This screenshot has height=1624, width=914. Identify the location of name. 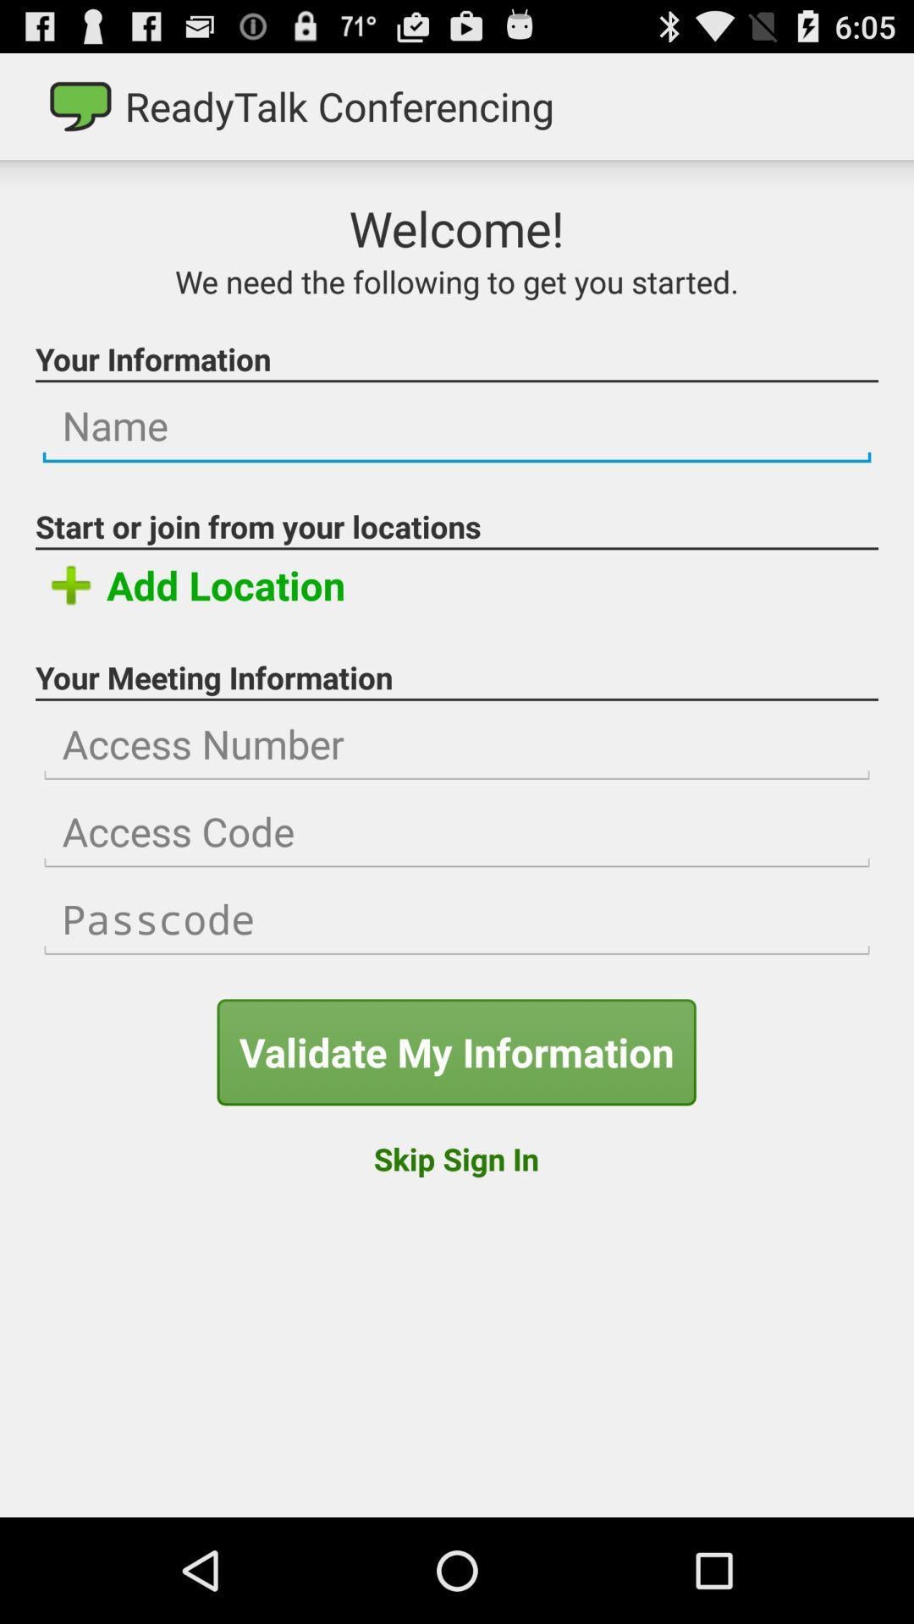
(457, 426).